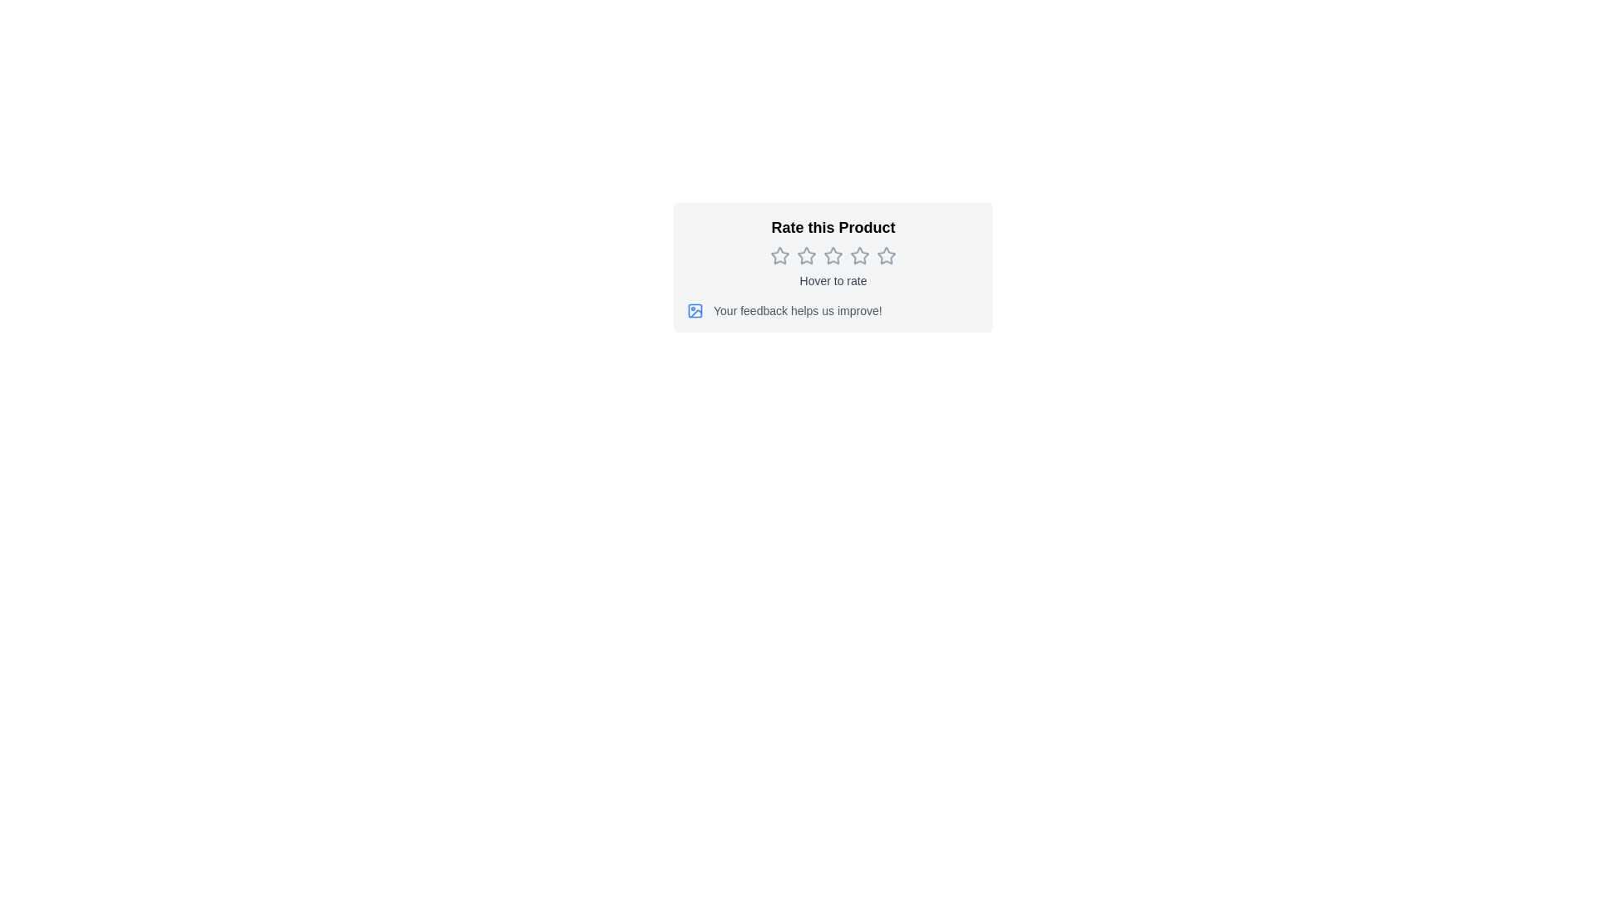 This screenshot has width=1597, height=898. I want to click on the second star-shaped icon in the horizontal rating system, so click(806, 256).